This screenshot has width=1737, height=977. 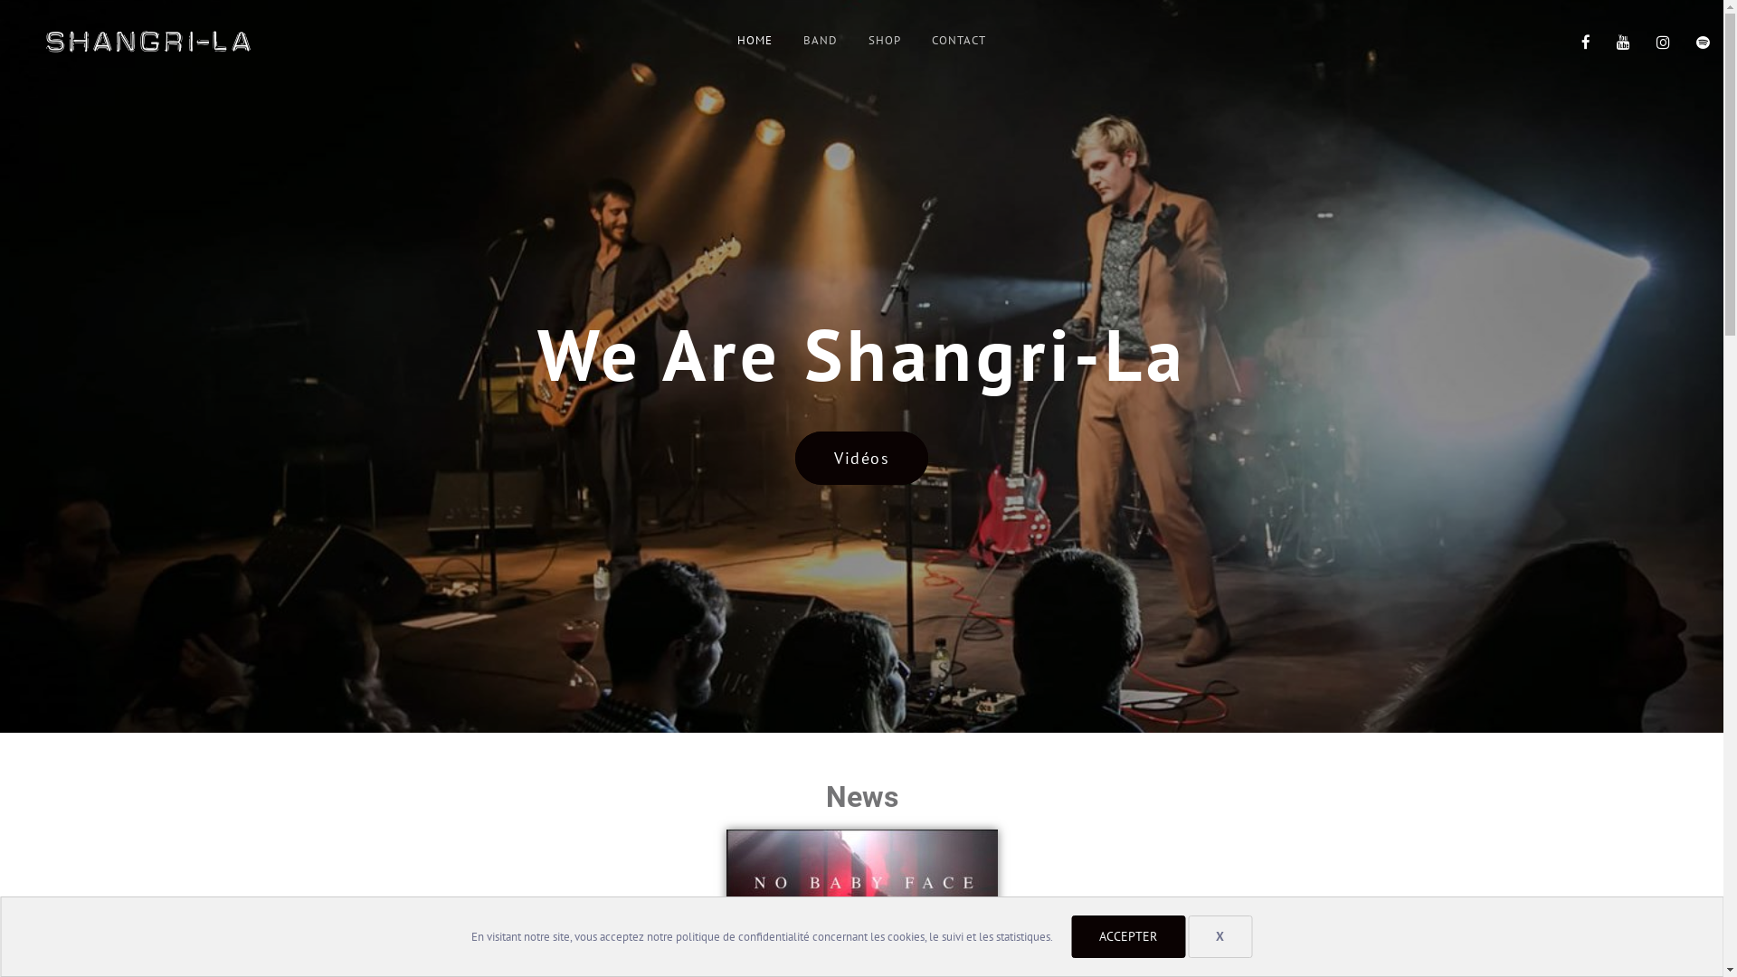 I want to click on 'ACCEPTER', so click(x=1127, y=936).